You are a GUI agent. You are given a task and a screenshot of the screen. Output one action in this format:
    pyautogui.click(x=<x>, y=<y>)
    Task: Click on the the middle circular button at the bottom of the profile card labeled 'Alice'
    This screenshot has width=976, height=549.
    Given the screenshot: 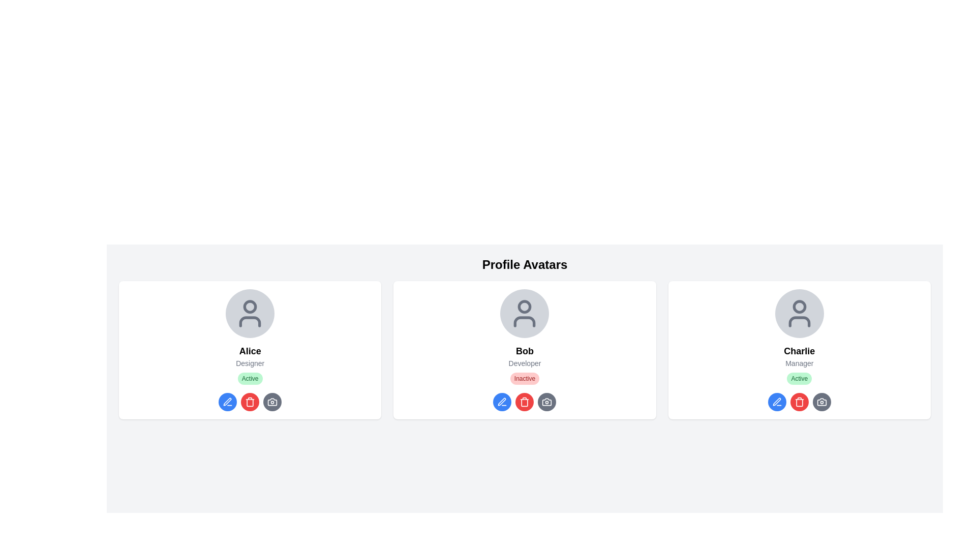 What is the action you would take?
    pyautogui.click(x=250, y=401)
    